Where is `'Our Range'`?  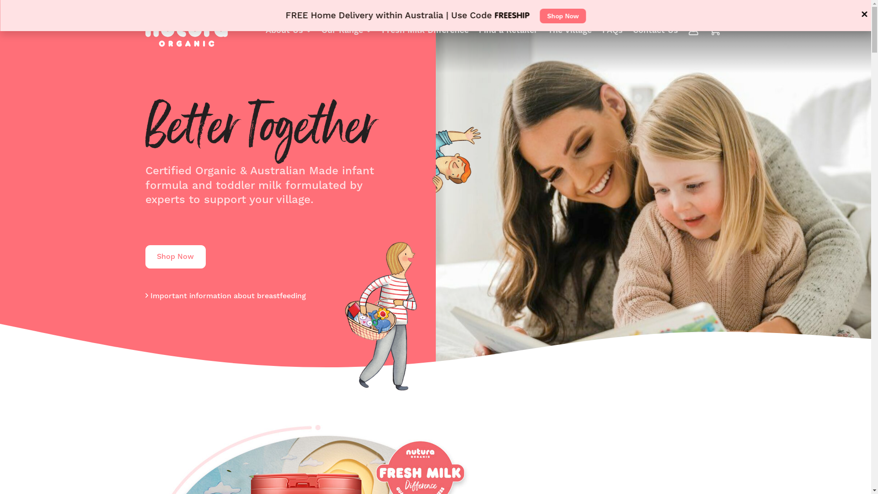
'Our Range' is located at coordinates (346, 29).